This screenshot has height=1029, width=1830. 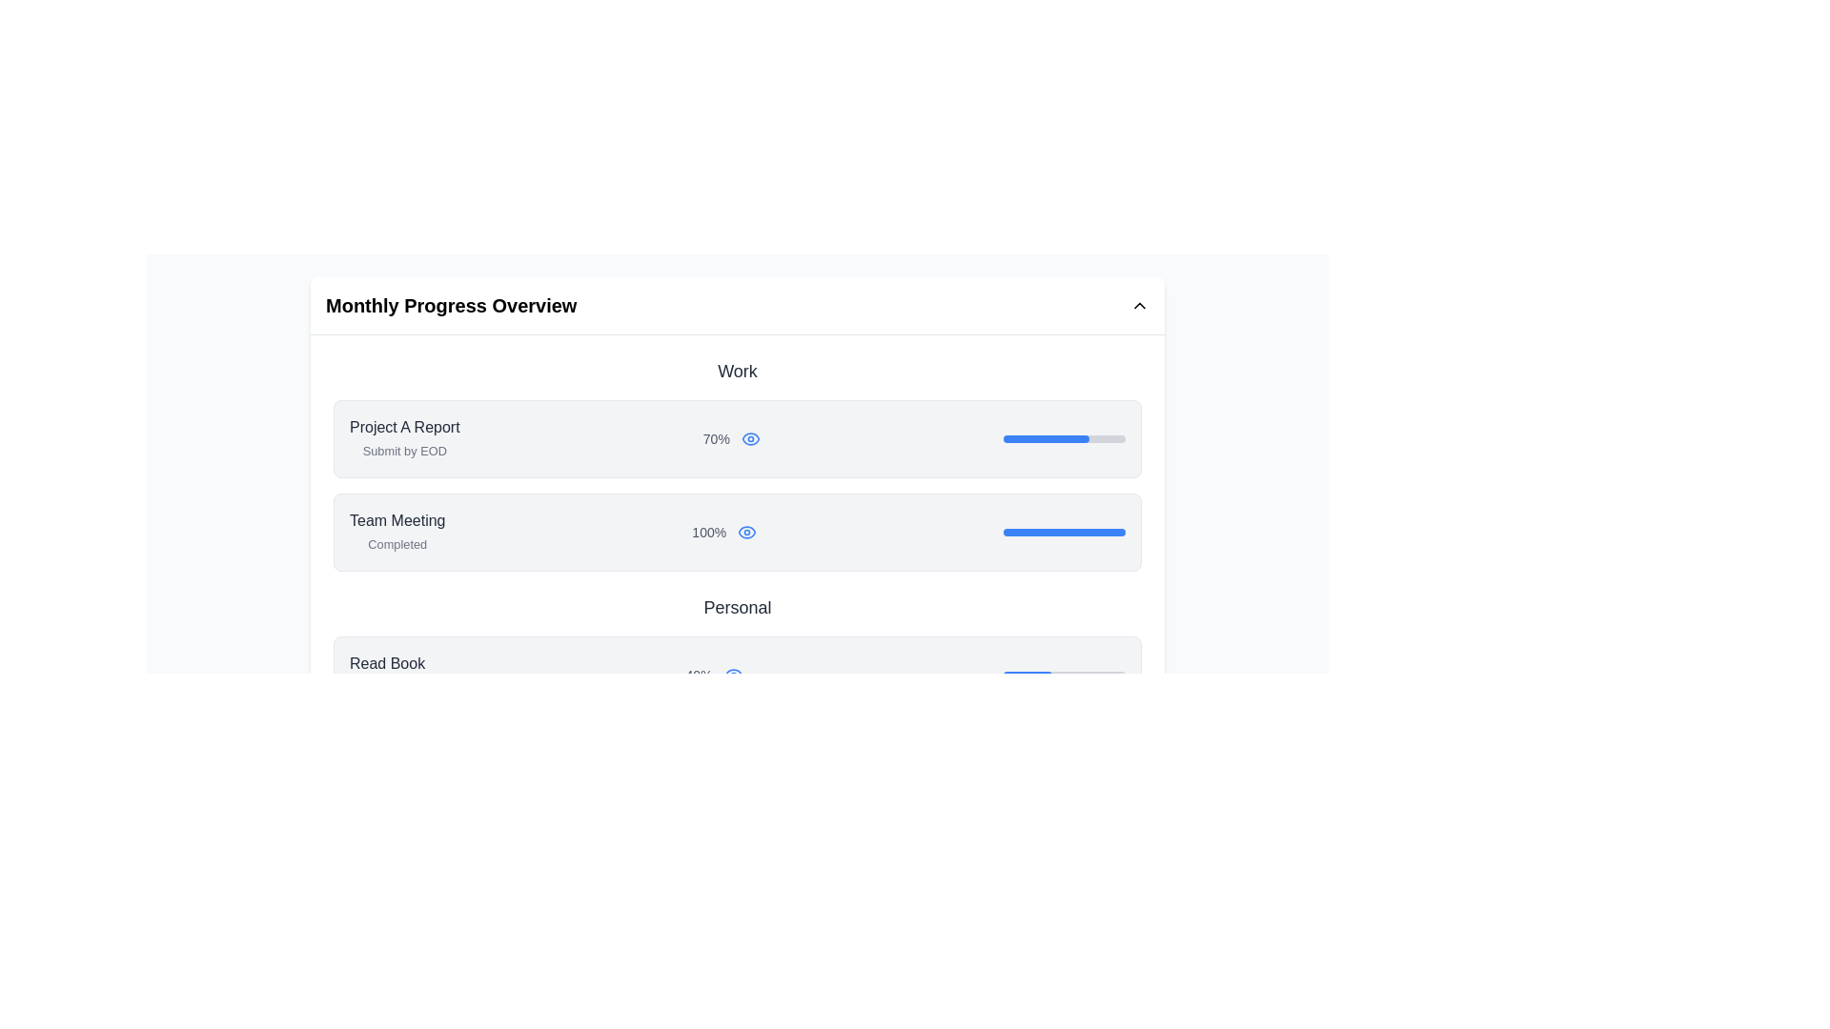 What do you see at coordinates (732, 675) in the screenshot?
I see `the small blue eye-shaped icon located next to the numeric text '40%' in the 'Personal' list group, which aligns horizontally with the progress bar` at bounding box center [732, 675].